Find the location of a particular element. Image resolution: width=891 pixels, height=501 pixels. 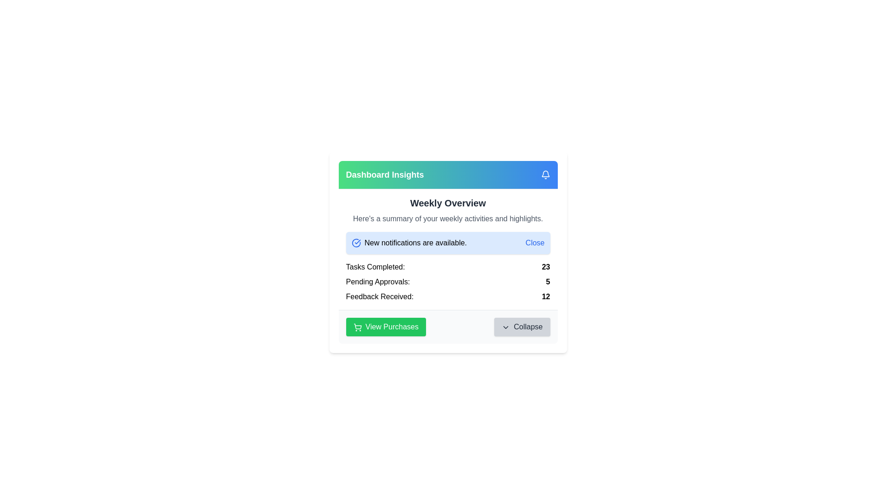

the downward-pointing chevron icon located within the 'Collapse' button, positioned to the left of the text 'Collapse' is located at coordinates (505, 327).